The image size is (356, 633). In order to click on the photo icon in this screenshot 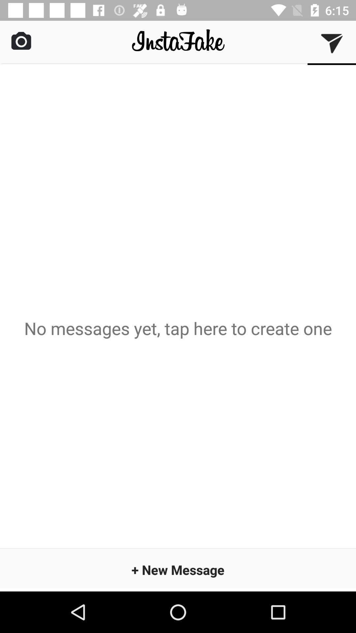, I will do `click(21, 40)`.